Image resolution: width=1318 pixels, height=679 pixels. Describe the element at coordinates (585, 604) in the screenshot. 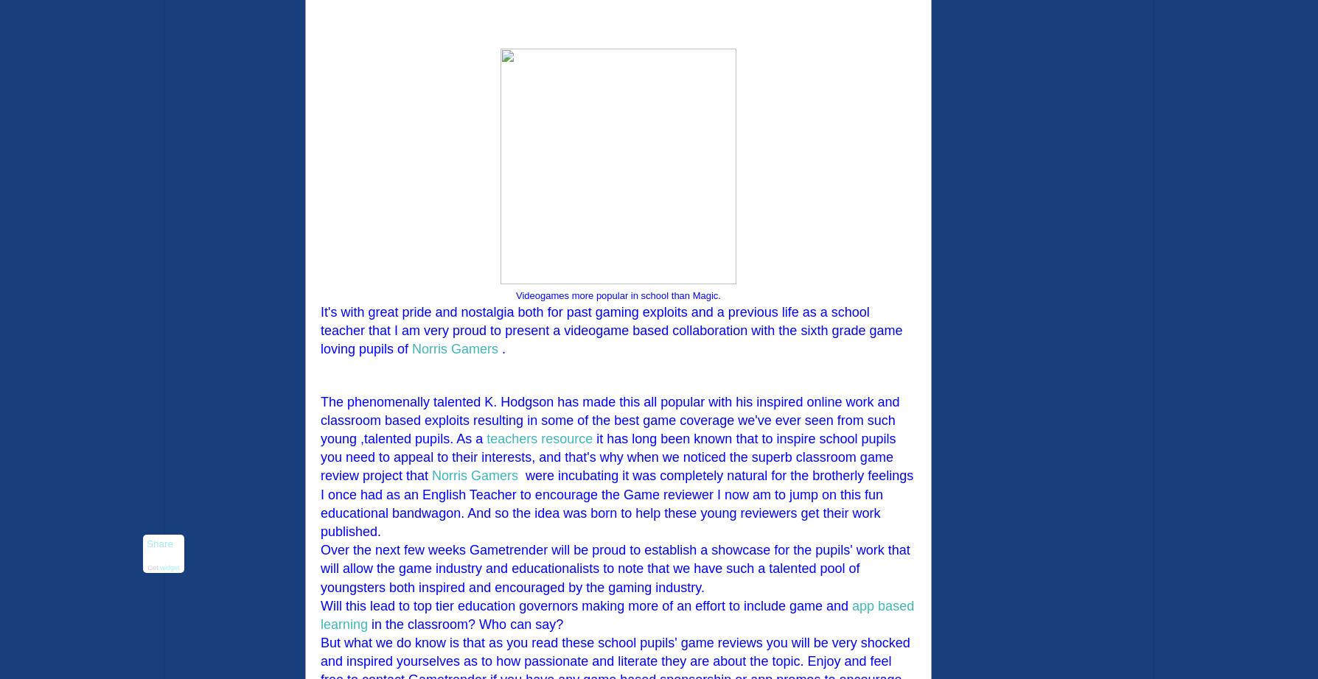

I see `'Will this lead to top tier education governors making more of an effort to include game and'` at that location.